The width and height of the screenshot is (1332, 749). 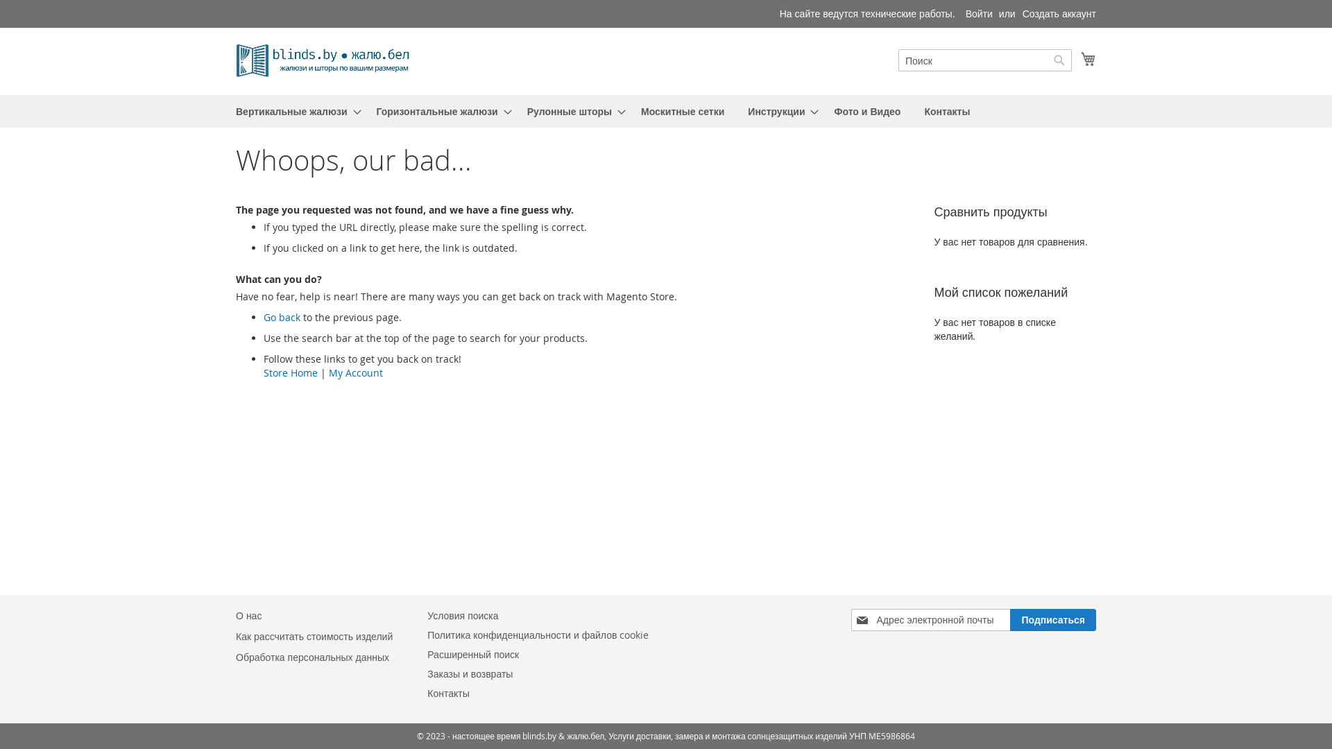 I want to click on 'My Account', so click(x=356, y=372).